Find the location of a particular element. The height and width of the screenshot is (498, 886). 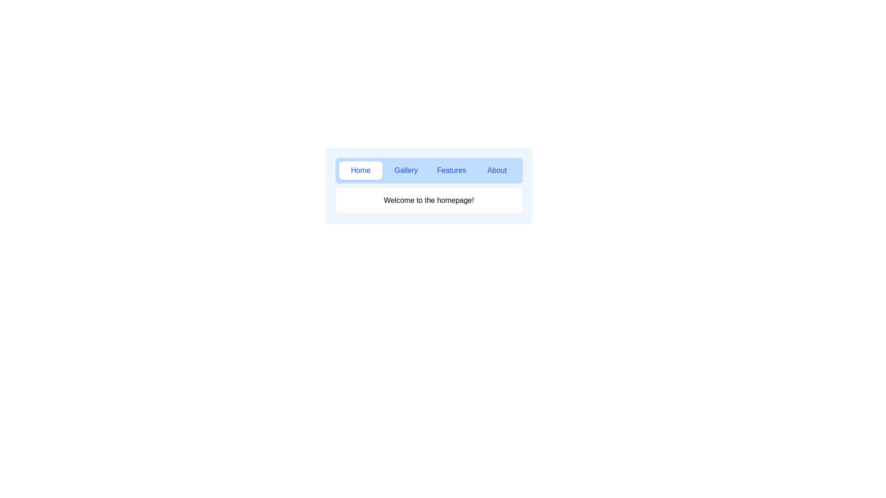

the fourth tab button labeled 'About' to switch tabs in the navigation panel identified by 'headlessui-tabs-panel-:re:' is located at coordinates (497, 171).